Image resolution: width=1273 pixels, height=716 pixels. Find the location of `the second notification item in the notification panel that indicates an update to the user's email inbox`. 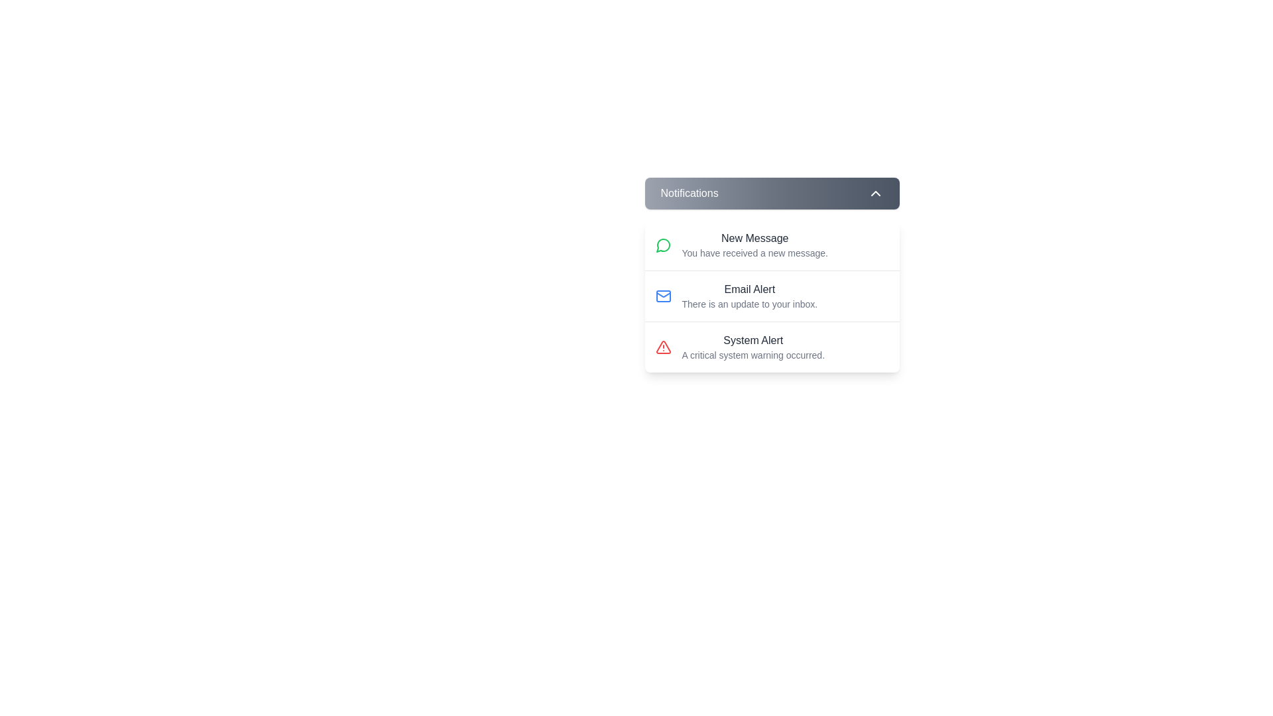

the second notification item in the notification panel that indicates an update to the user's email inbox is located at coordinates (749, 296).